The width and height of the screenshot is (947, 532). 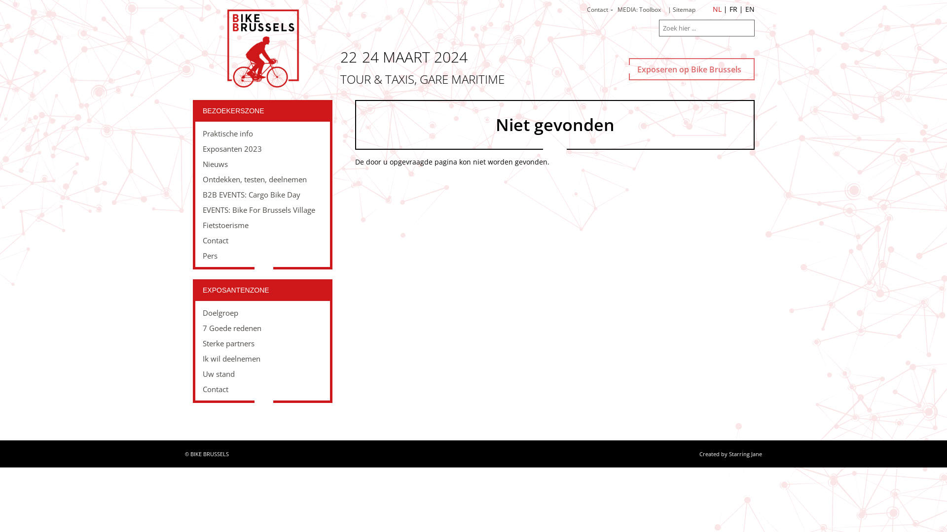 What do you see at coordinates (262, 313) in the screenshot?
I see `'Doelgroep'` at bounding box center [262, 313].